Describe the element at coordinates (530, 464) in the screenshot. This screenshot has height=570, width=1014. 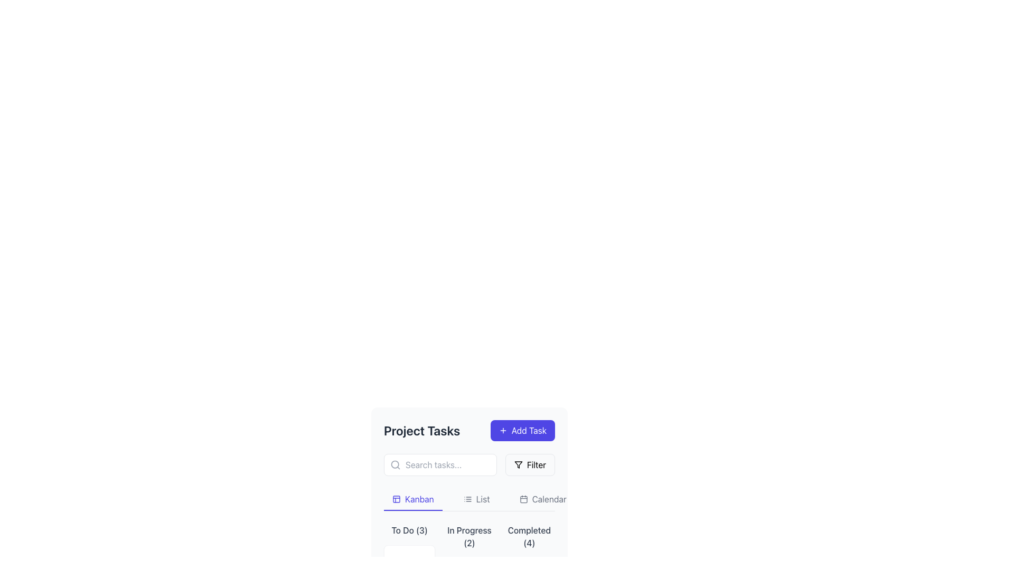
I see `the filter button located in the upper-right section of the layout` at that location.